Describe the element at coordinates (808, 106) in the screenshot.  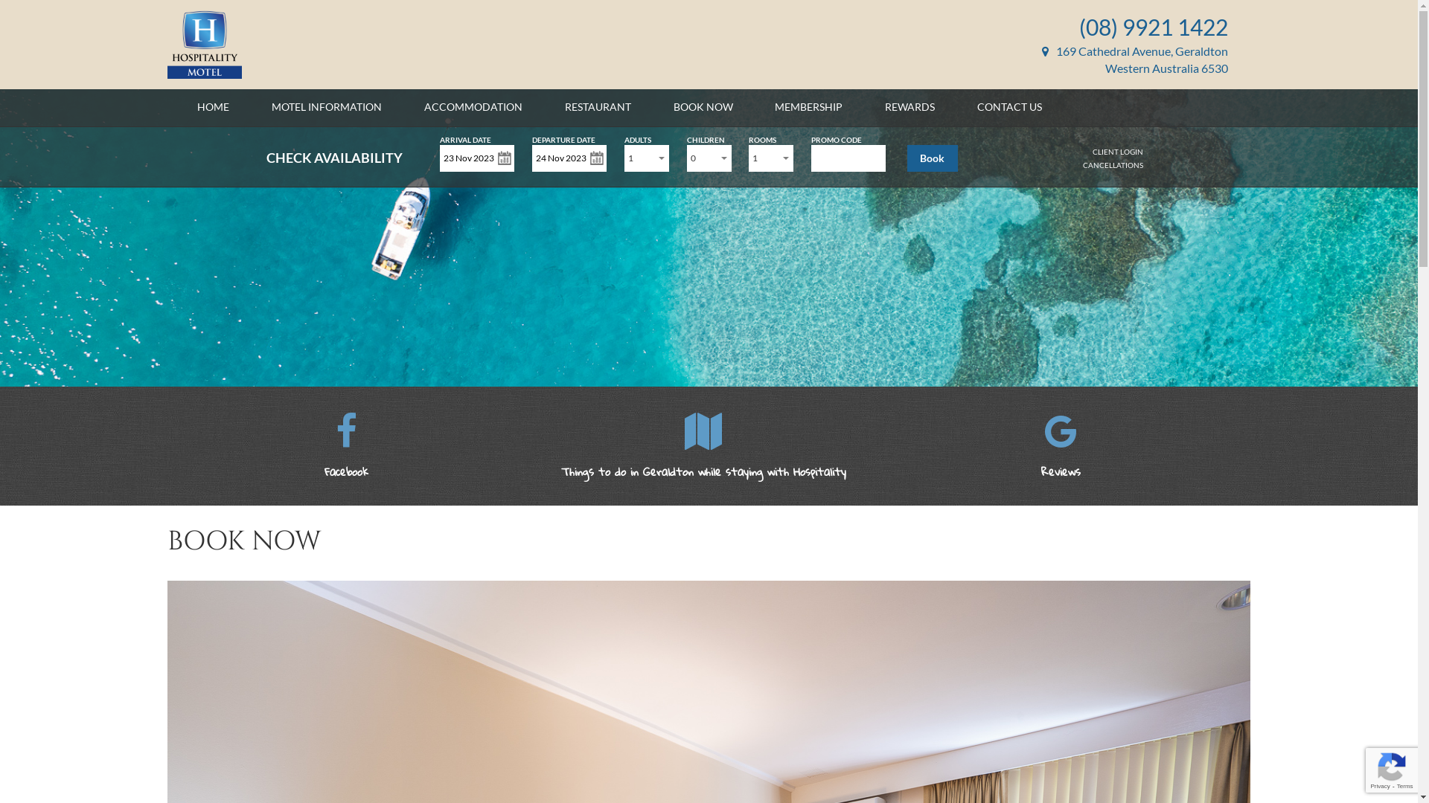
I see `'MEMBERSHIP'` at that location.